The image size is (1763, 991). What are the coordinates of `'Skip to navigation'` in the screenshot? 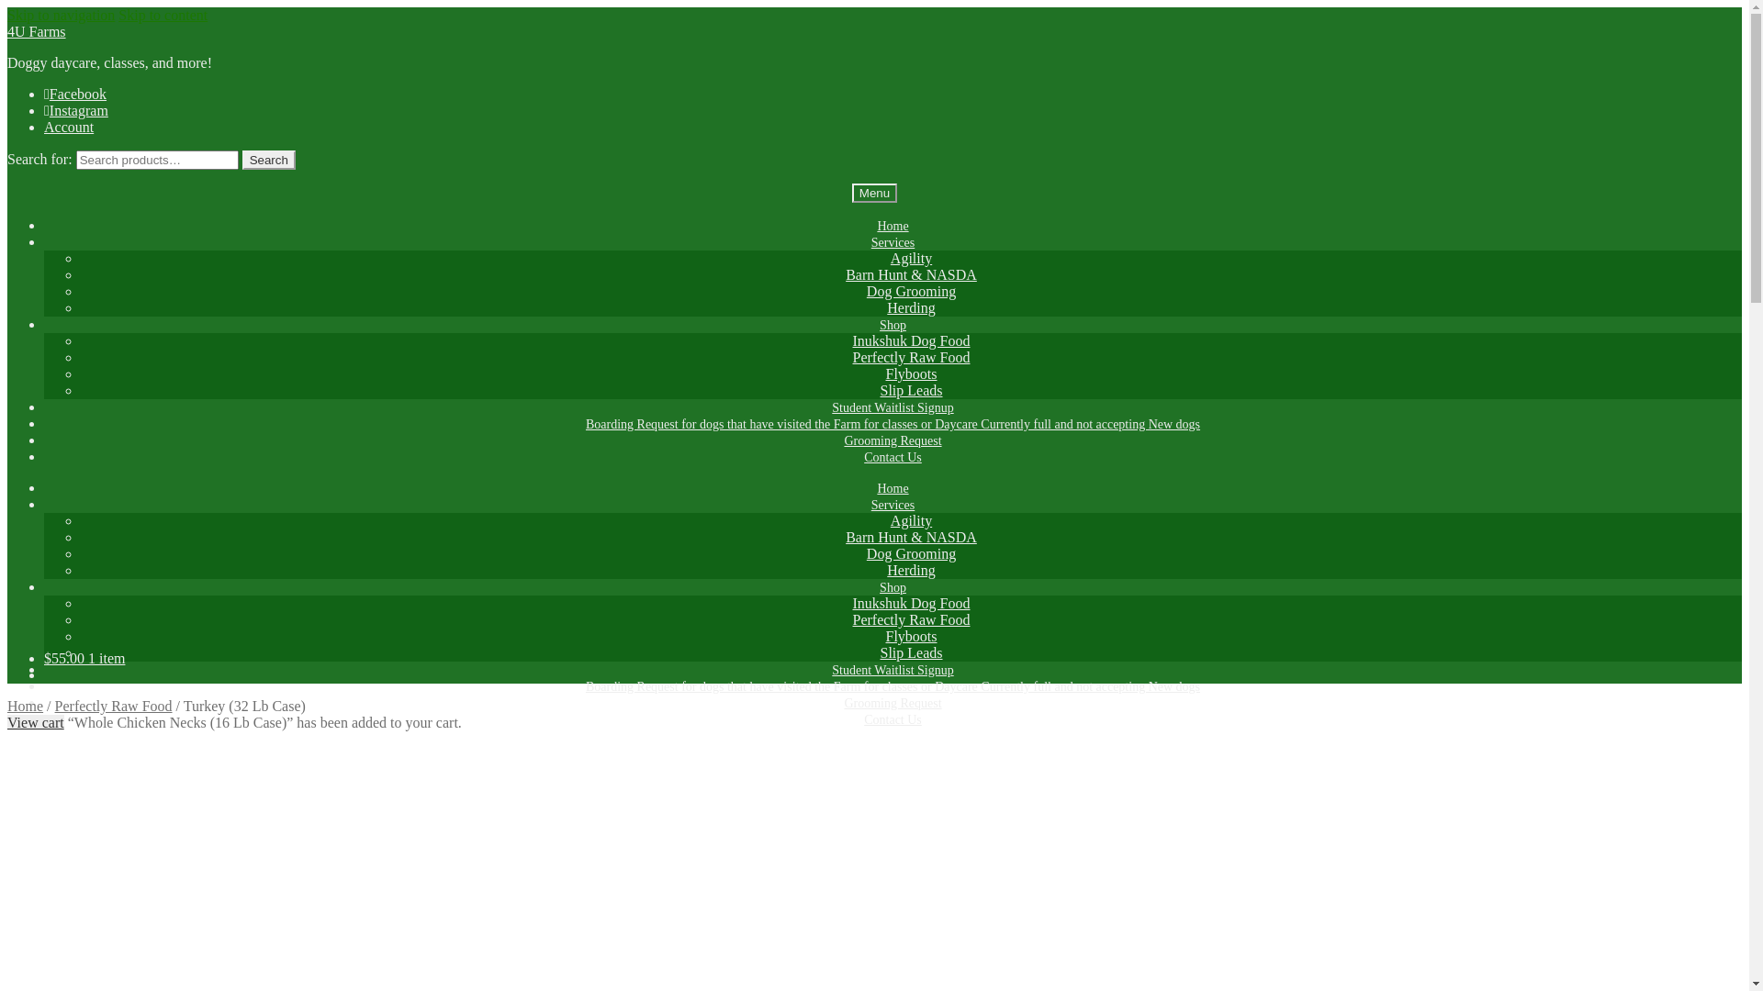 It's located at (61, 15).